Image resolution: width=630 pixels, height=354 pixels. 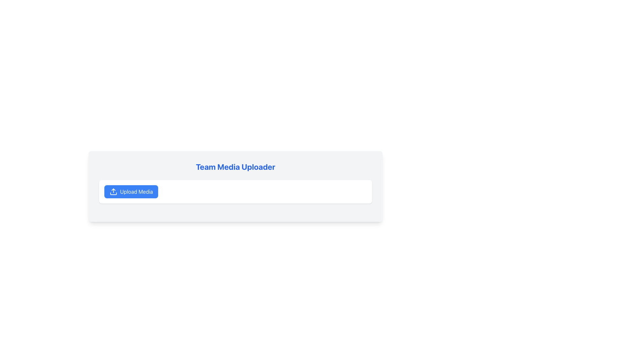 I want to click on the upload icon, which is a compact blue button with a white upward-pointing arrow, located to the left of the 'Upload Media' button in the 'Team Media Uploader' section, to initiate an upload, so click(x=113, y=192).